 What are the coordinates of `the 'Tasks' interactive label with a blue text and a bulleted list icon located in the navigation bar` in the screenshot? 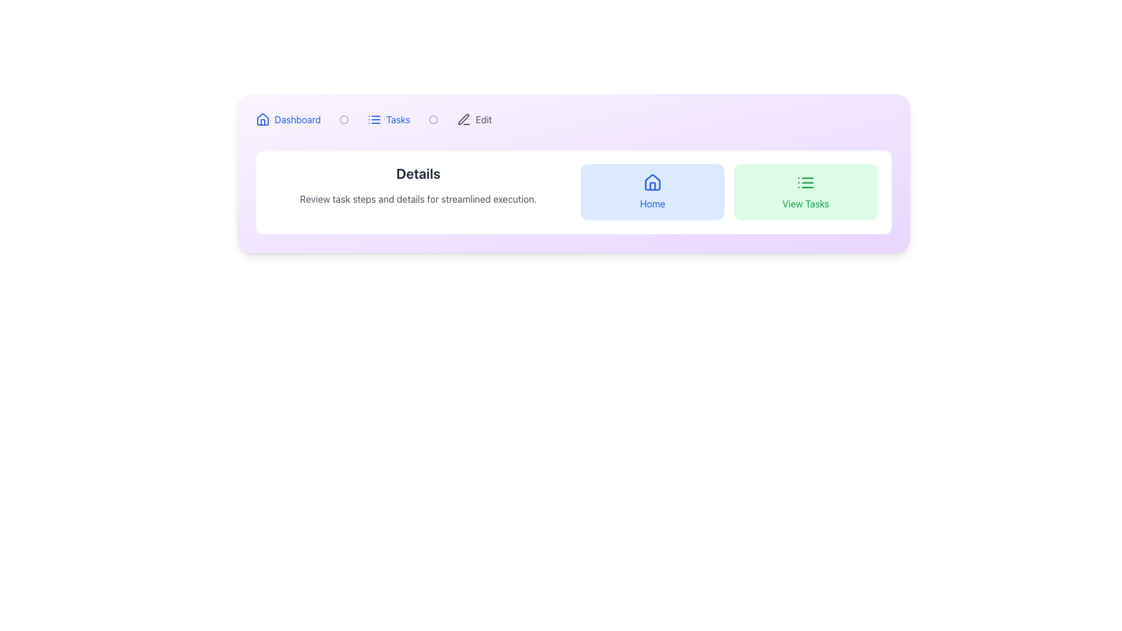 It's located at (389, 119).